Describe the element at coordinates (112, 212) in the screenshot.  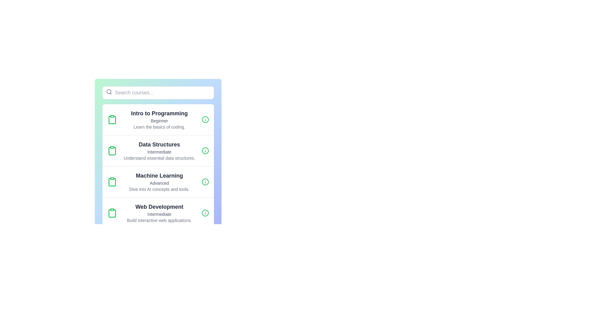
I see `the green clipboard icon located to the left of the 'Web Development' course title in the course list` at that location.